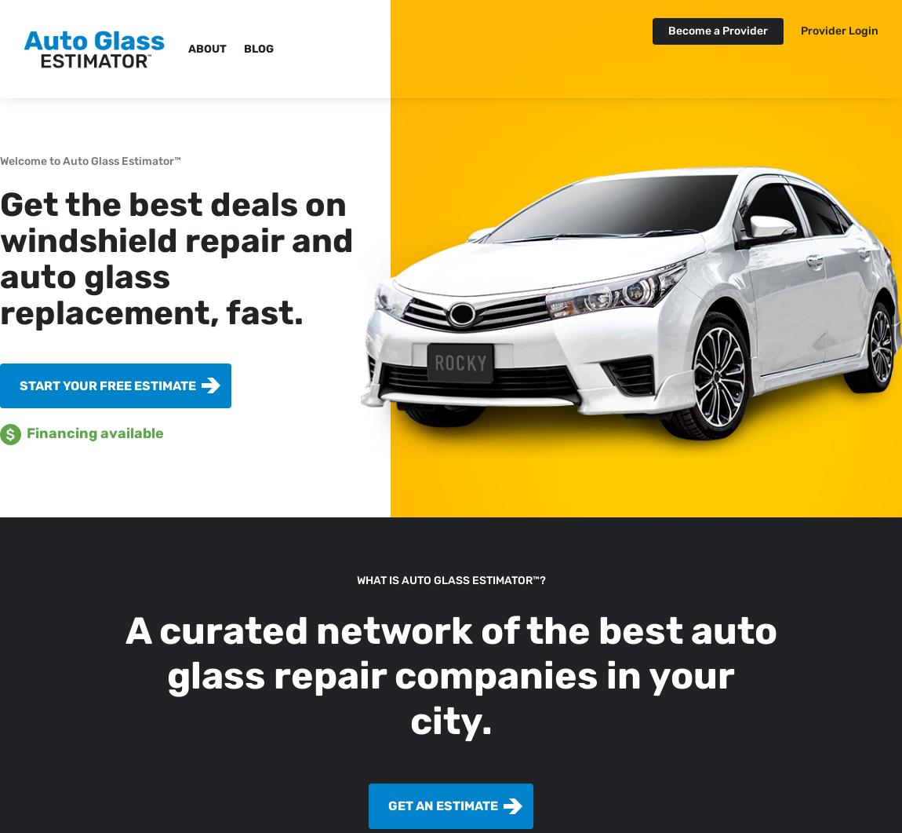 This screenshot has height=833, width=902. I want to click on 'About', so click(206, 49).